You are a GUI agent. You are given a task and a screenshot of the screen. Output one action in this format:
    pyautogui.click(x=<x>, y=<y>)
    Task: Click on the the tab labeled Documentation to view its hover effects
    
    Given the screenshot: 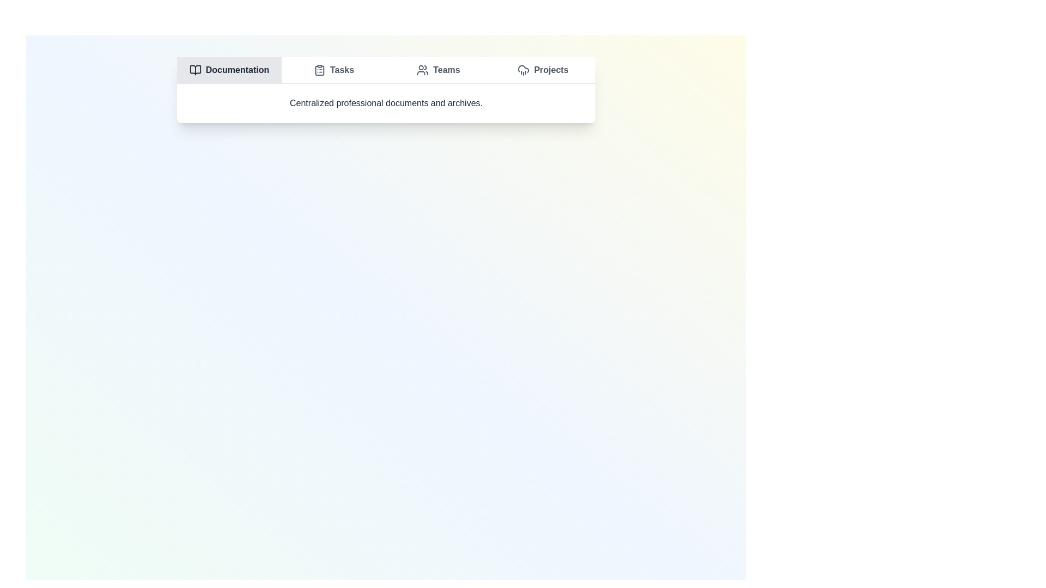 What is the action you would take?
    pyautogui.click(x=229, y=70)
    